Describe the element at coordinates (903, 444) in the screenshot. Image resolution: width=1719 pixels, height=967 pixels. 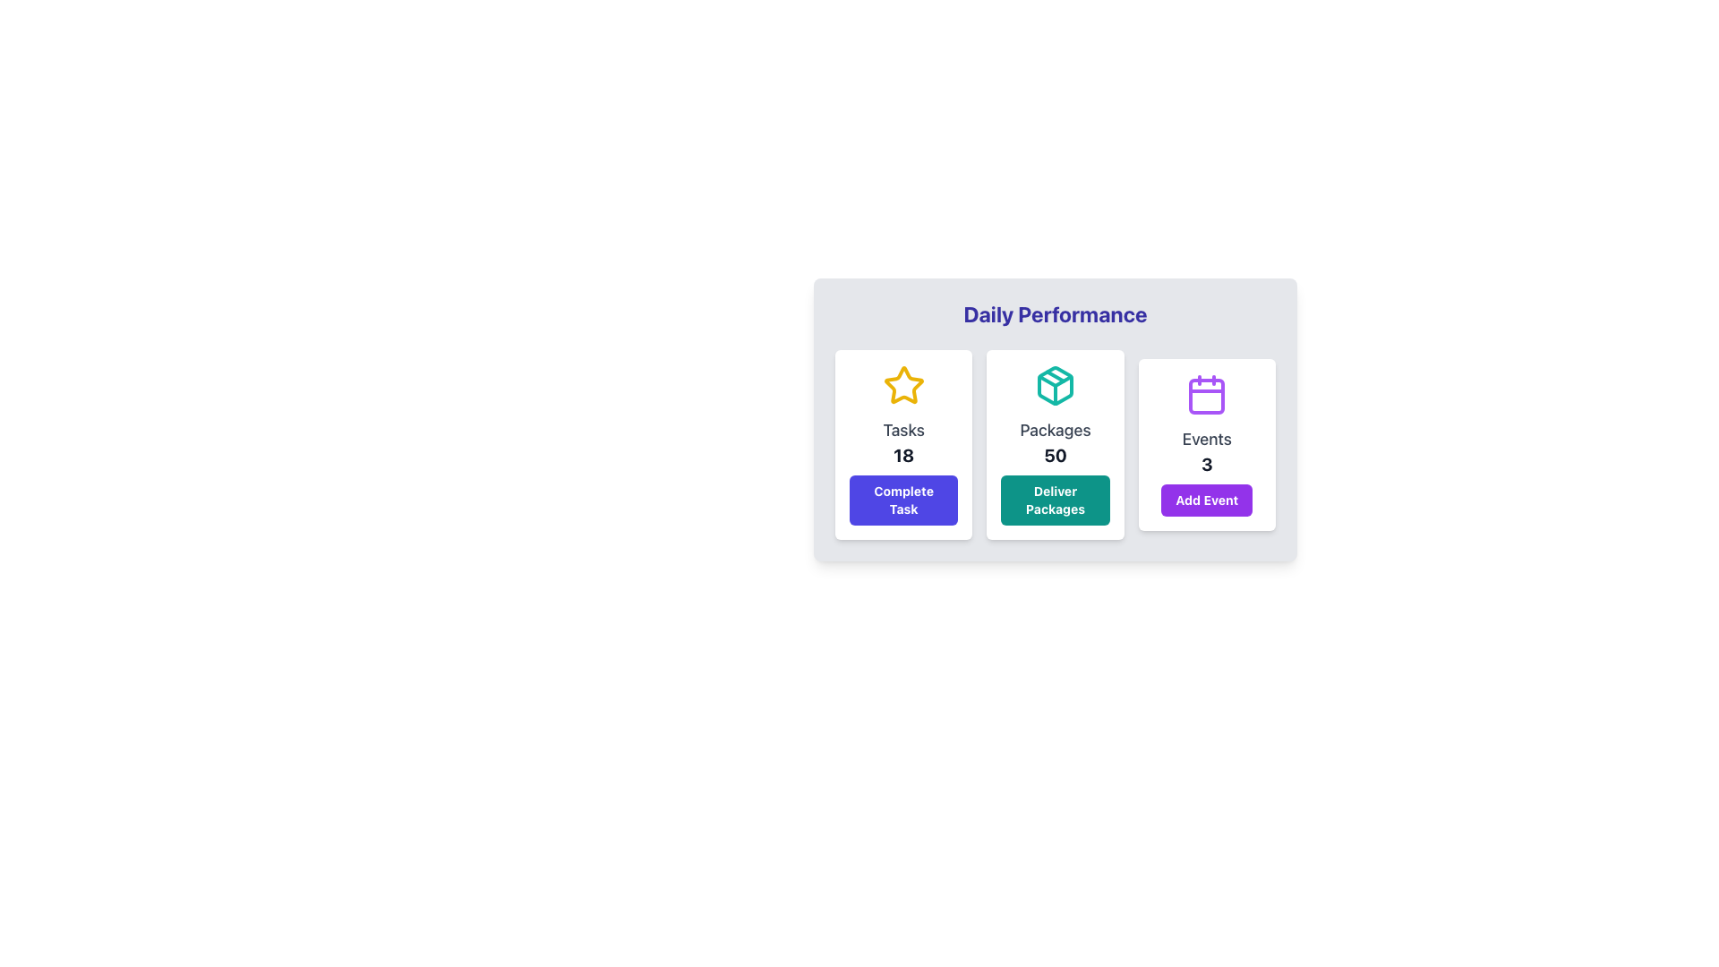
I see `the first card in the Daily Performance section, which has a white background, a yellow outlined star icon, a title 'Tasks', a large '18', and a blue button labelled 'Complete Task'` at that location.